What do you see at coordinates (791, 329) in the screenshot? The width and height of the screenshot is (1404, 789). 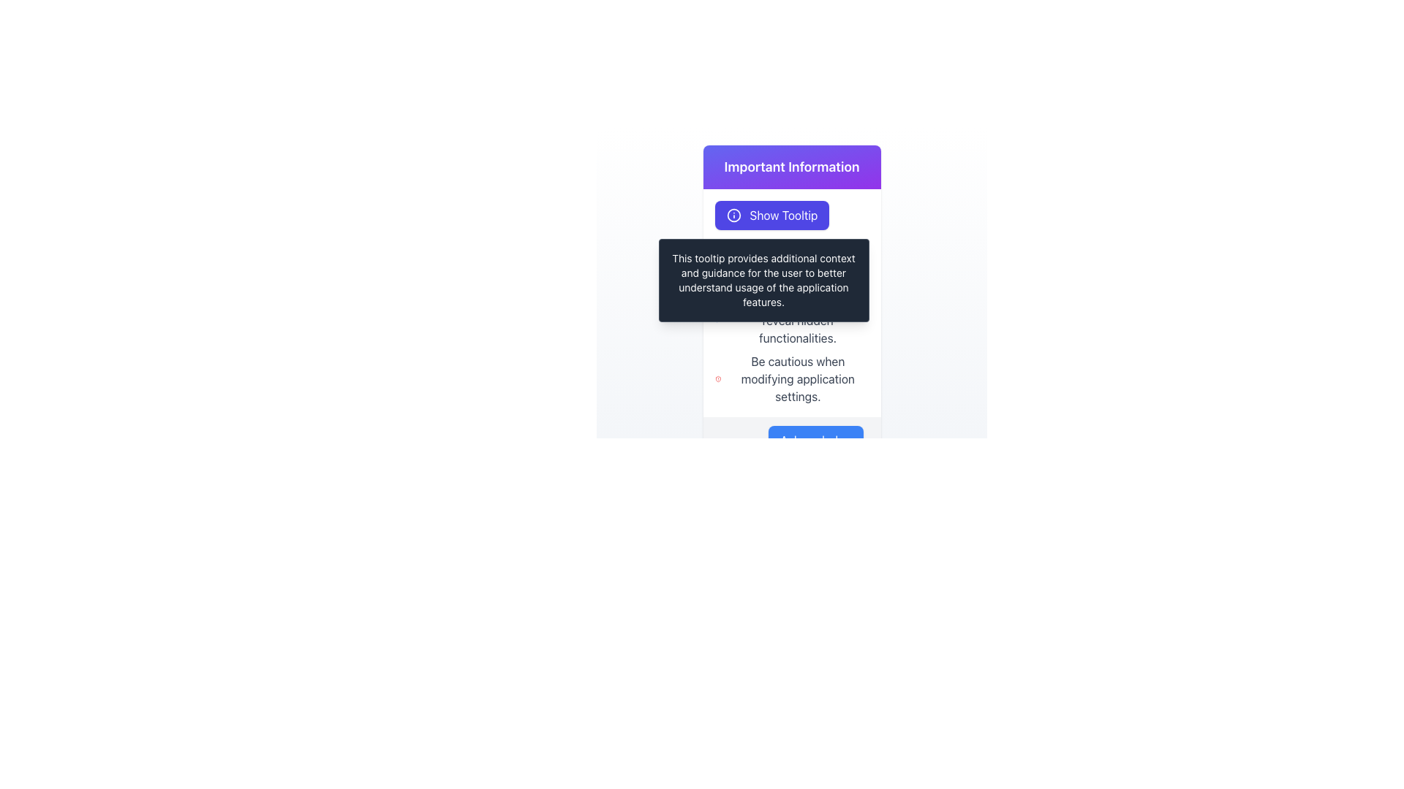 I see `informational text displayed in the Text Block, which provides best practices and cautionary notes for the application` at bounding box center [791, 329].